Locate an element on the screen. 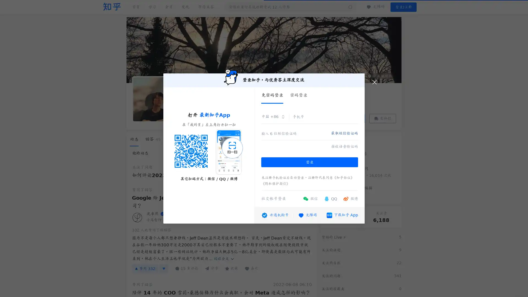  QQ is located at coordinates (330, 199).